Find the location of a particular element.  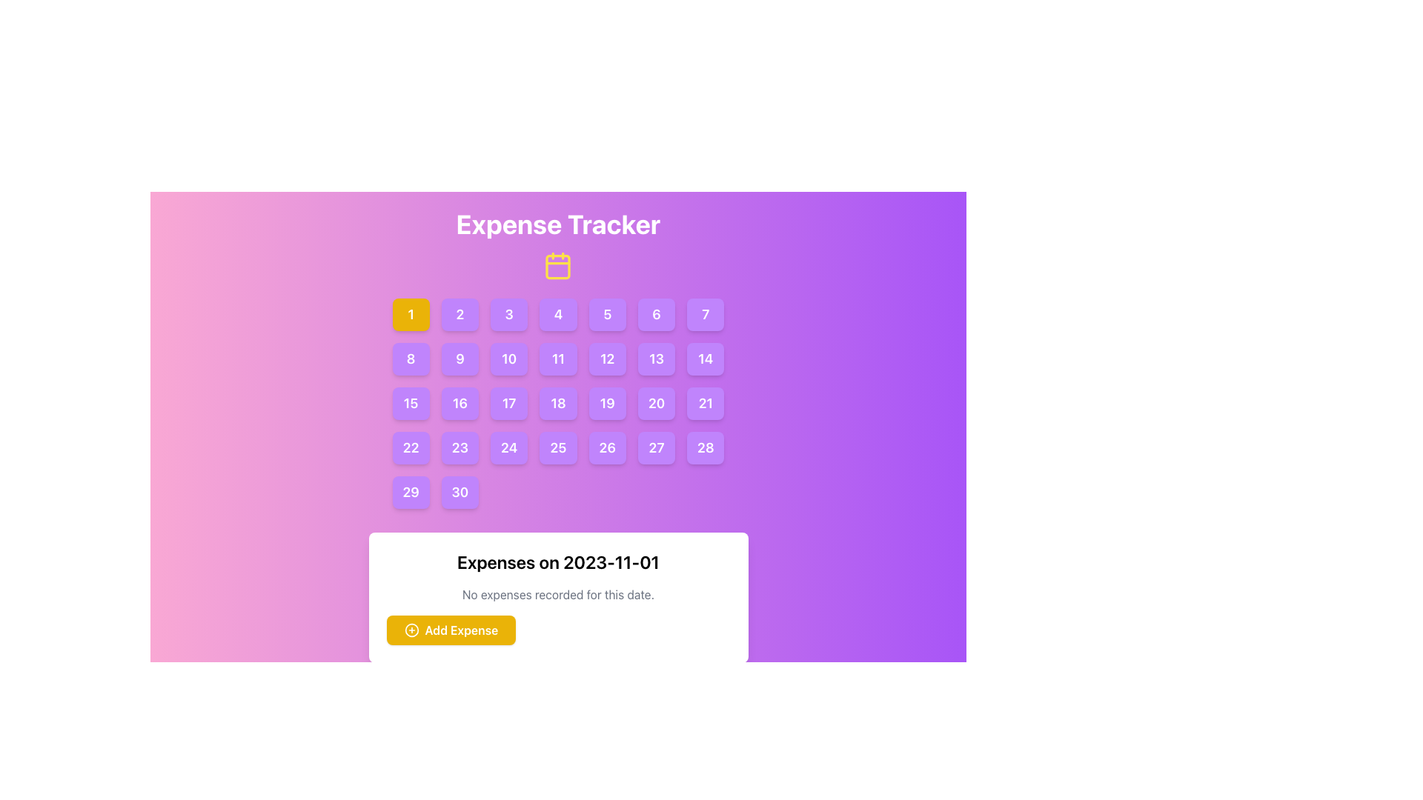

the informational text label indicating the absence of recorded expenses for the selected date, located below the title 'Expenses on 2023-11-01' and above the 'Add Expense' button is located at coordinates (557, 593).